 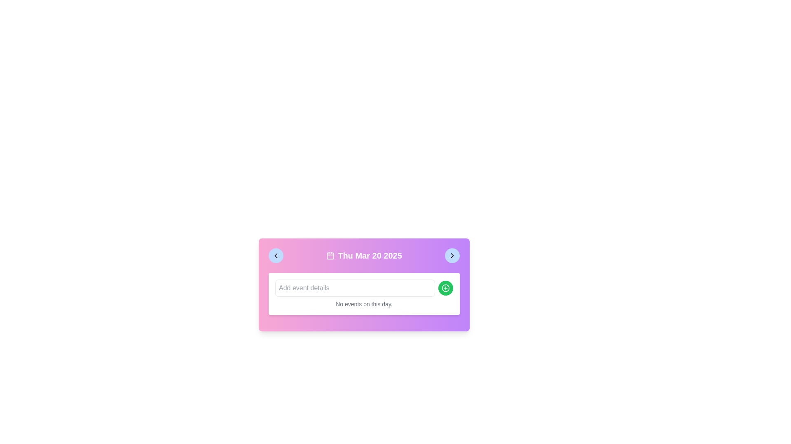 What do you see at coordinates (276, 255) in the screenshot?
I see `the Chevron icon located in the top right corner of the card with a gradient pink-to-violet background` at bounding box center [276, 255].